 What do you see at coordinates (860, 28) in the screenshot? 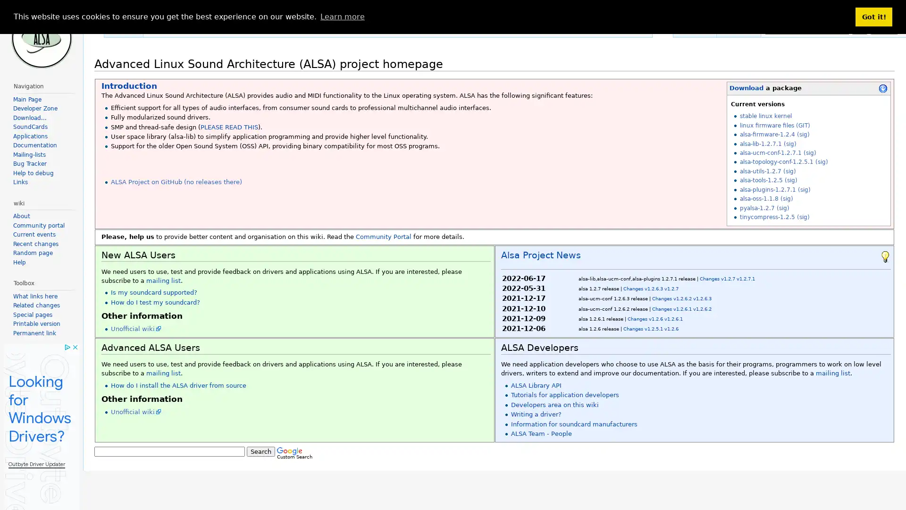
I see `Go` at bounding box center [860, 28].